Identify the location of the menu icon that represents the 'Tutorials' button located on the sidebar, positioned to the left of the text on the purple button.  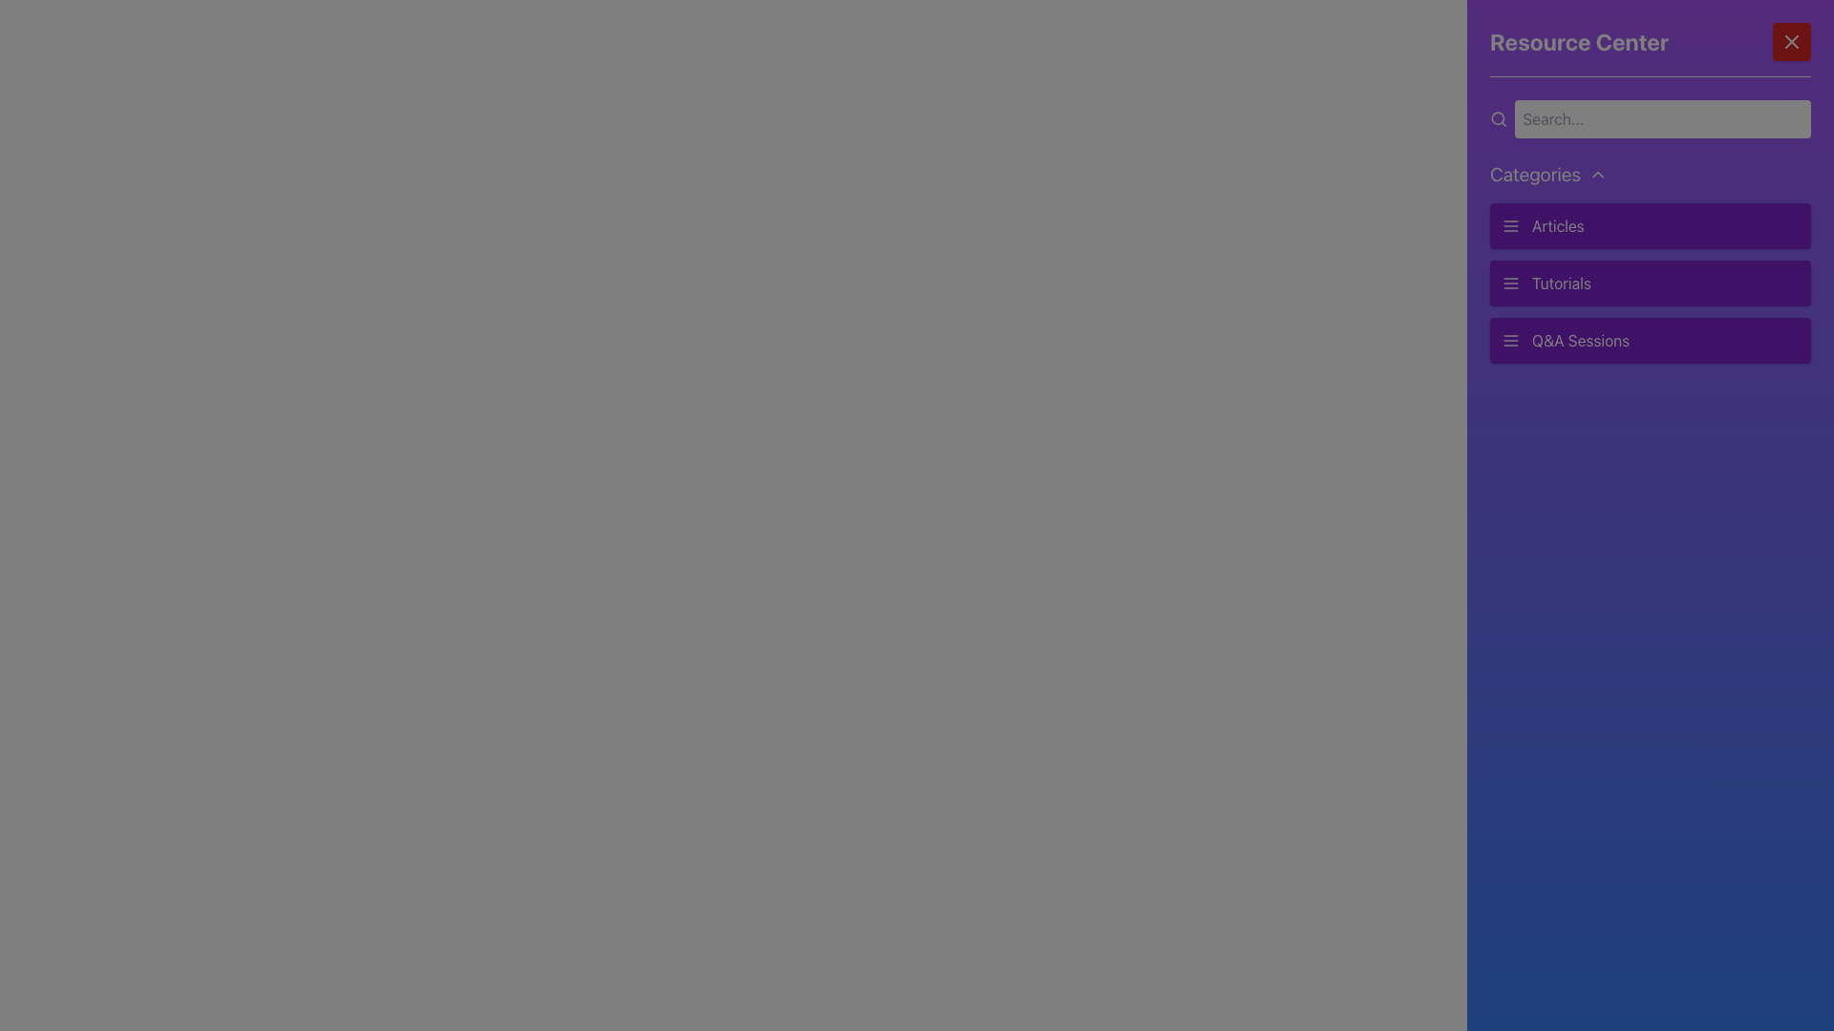
(1510, 284).